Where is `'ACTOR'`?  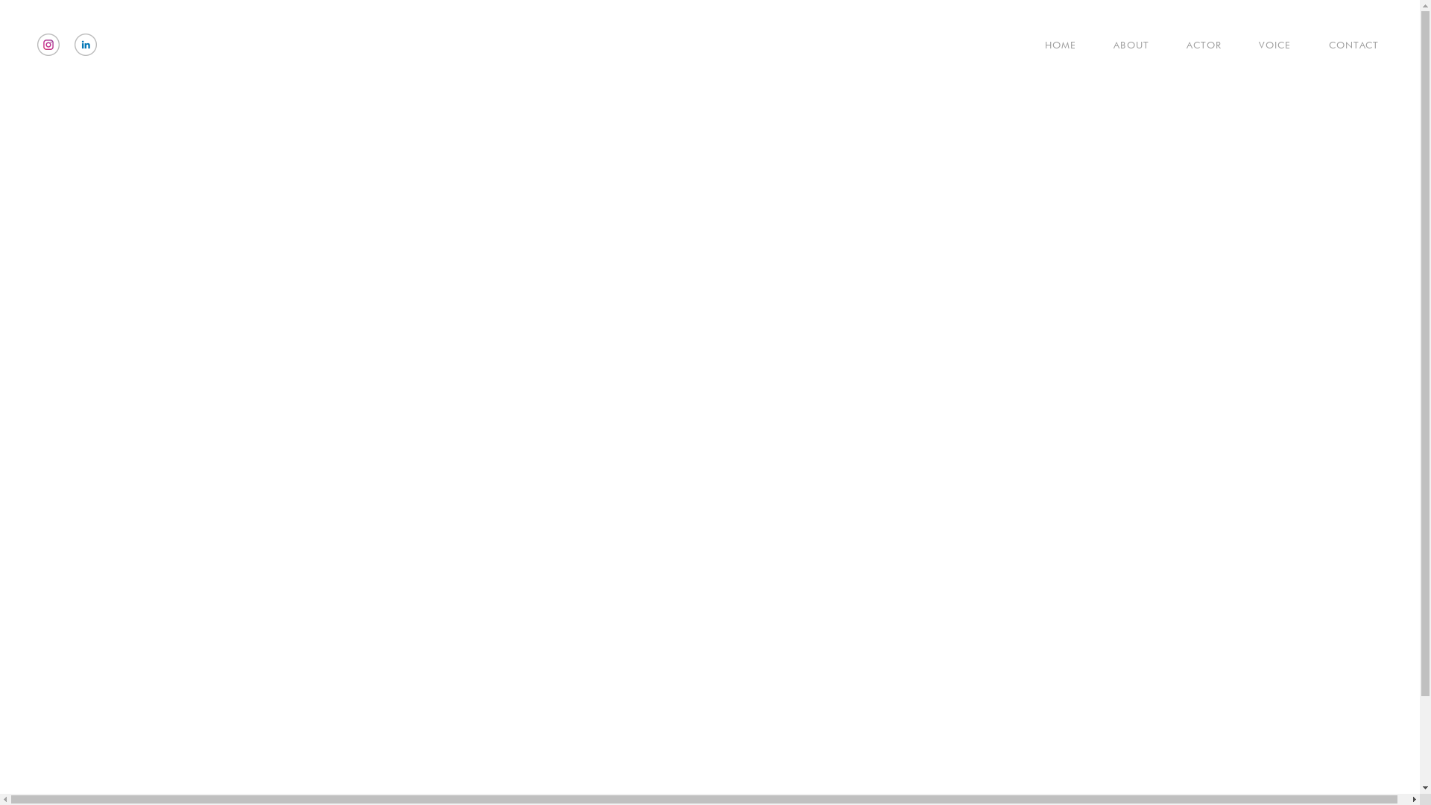 'ACTOR' is located at coordinates (1188, 44).